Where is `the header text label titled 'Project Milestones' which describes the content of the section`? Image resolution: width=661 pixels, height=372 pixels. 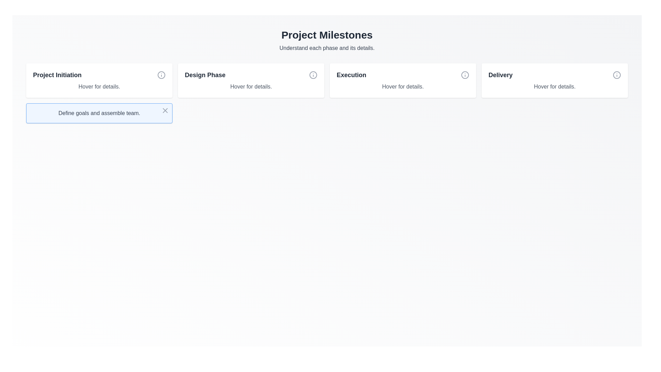 the header text label titled 'Project Milestones' which describes the content of the section is located at coordinates (327, 35).